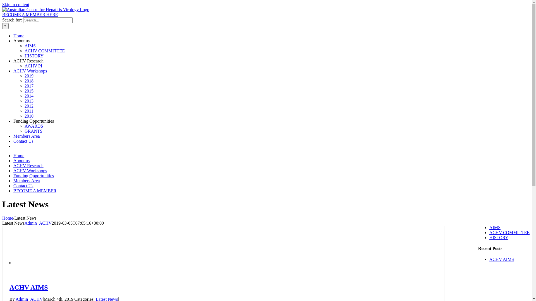  What do you see at coordinates (29, 76) in the screenshot?
I see `'2019'` at bounding box center [29, 76].